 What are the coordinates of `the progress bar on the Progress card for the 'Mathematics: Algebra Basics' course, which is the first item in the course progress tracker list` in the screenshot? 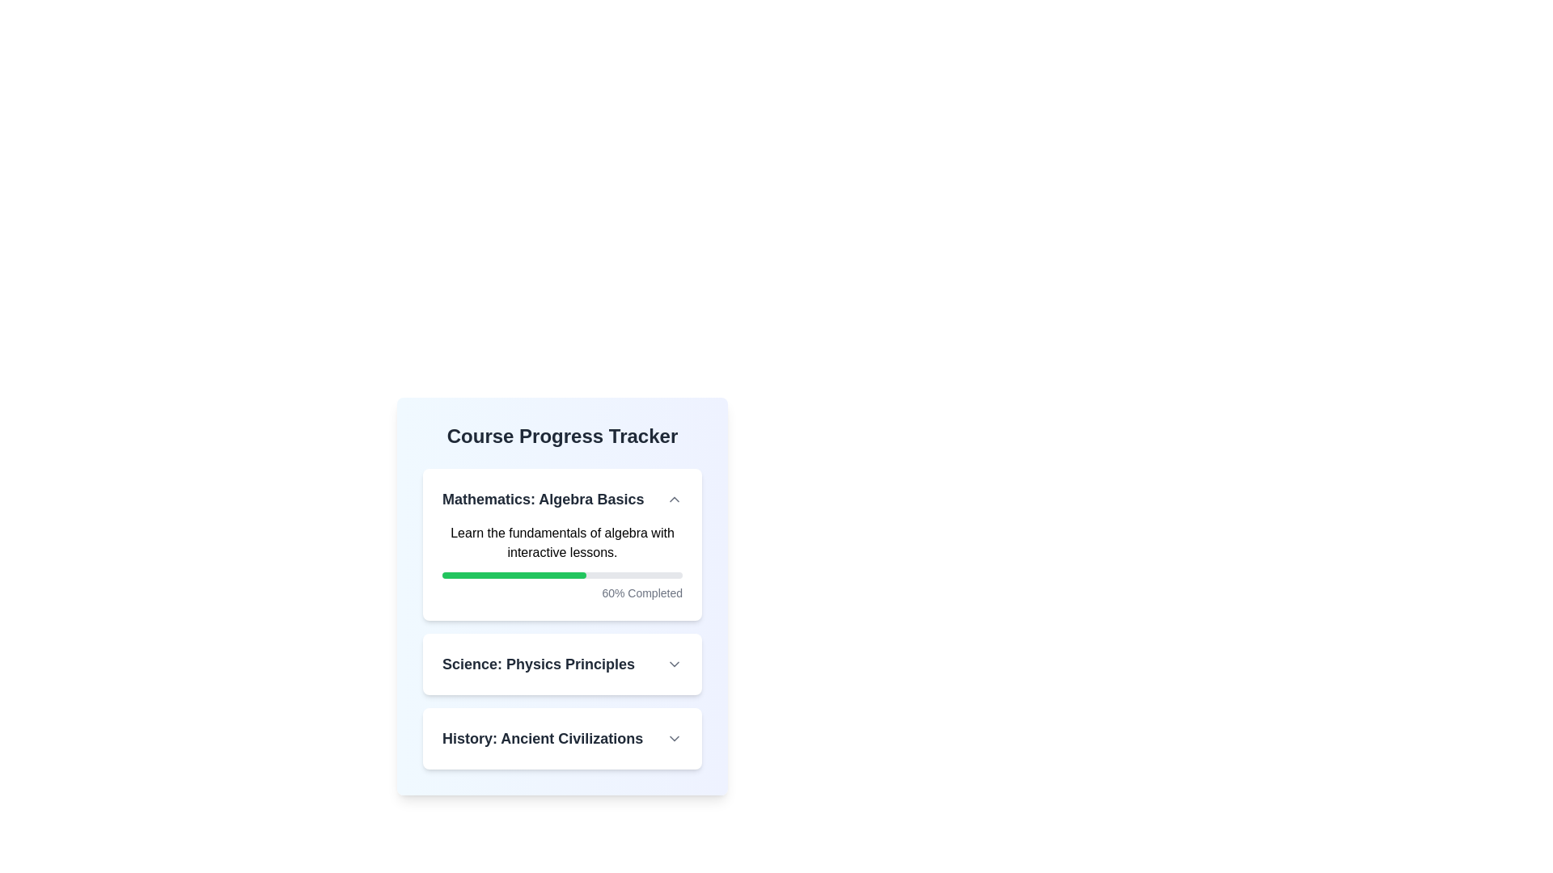 It's located at (562, 545).